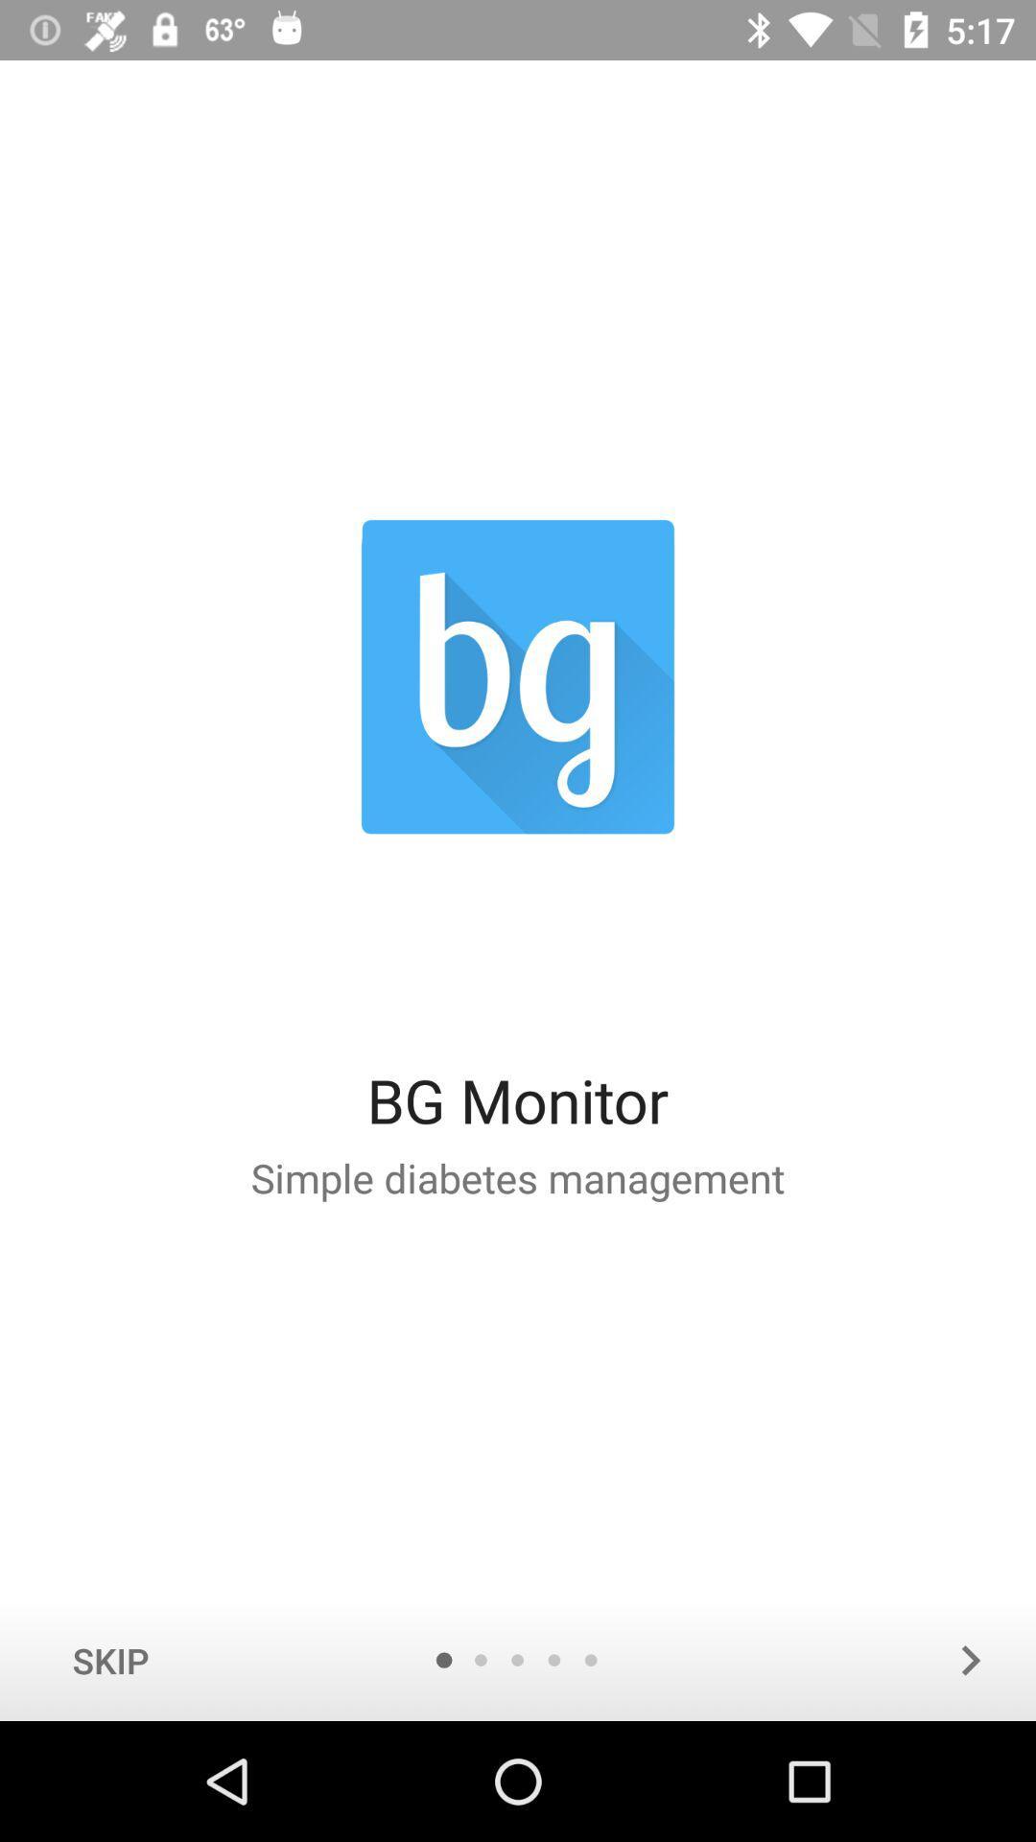  Describe the element at coordinates (970, 1660) in the screenshot. I see `the arrow_forward icon` at that location.